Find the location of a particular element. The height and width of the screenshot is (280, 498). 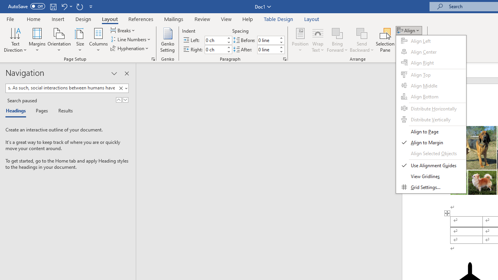

'Margins' is located at coordinates (37, 40).